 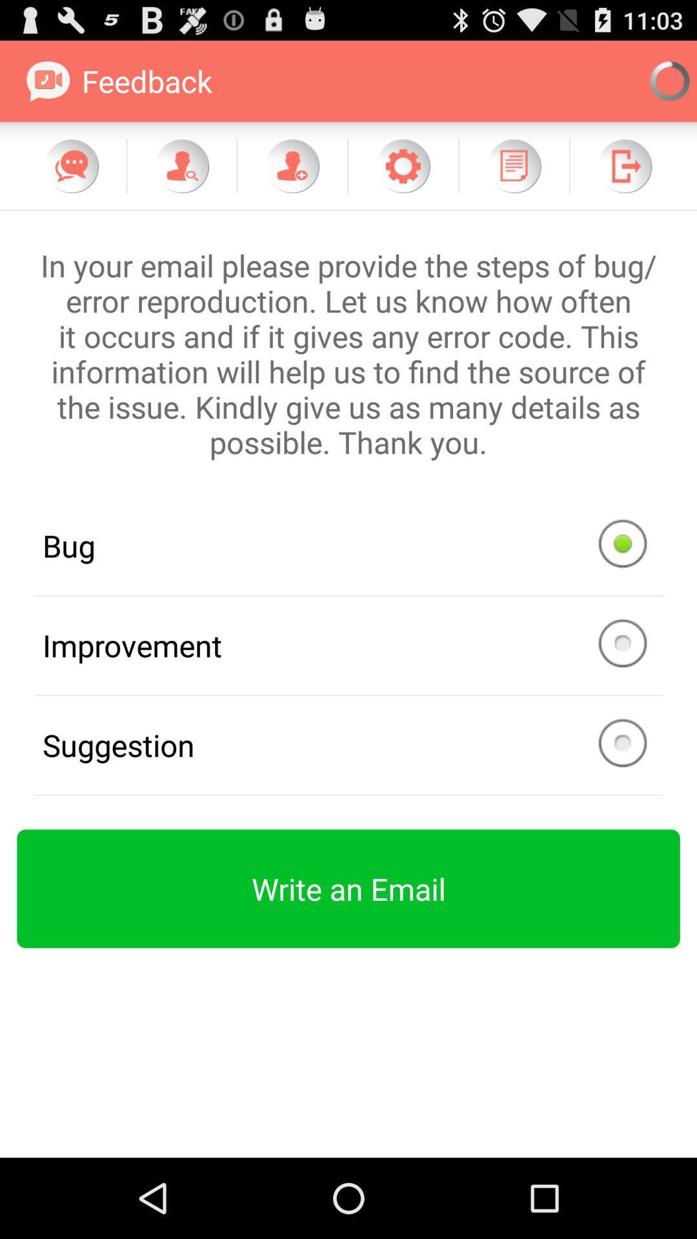 What do you see at coordinates (292, 177) in the screenshot?
I see `the follow icon` at bounding box center [292, 177].